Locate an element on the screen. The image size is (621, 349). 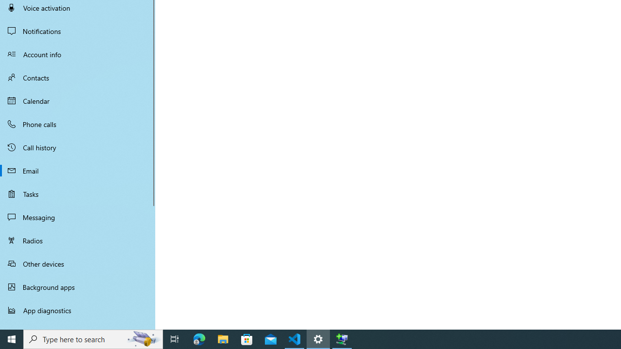
'Microsoft Edge' is located at coordinates (199, 338).